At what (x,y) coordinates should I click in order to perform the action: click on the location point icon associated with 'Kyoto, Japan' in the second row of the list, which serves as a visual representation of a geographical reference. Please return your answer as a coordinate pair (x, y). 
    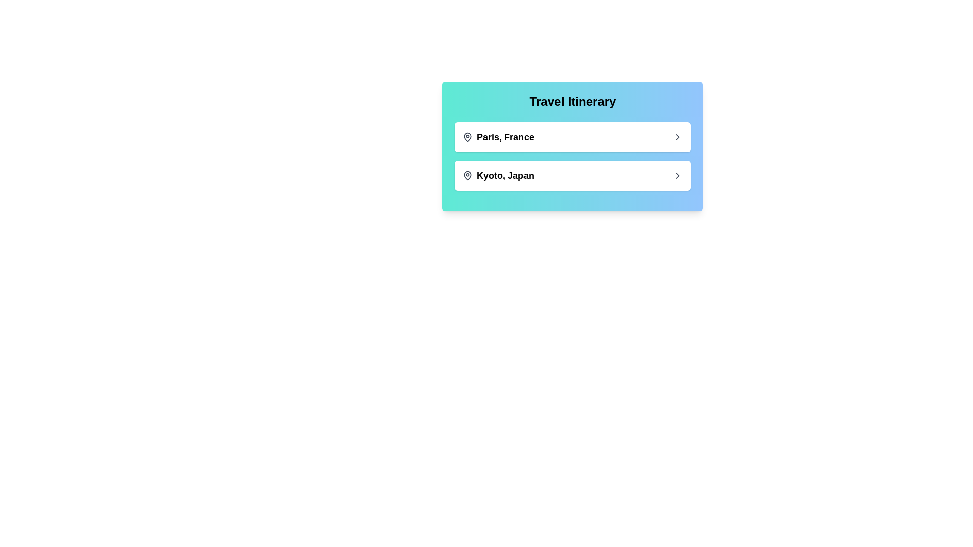
    Looking at the image, I should click on (467, 175).